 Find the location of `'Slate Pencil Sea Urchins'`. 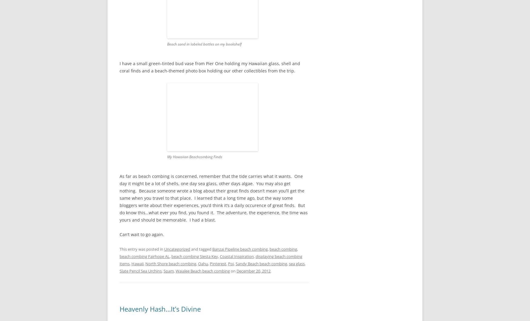

'Slate Pencil Sea Urchins' is located at coordinates (141, 271).